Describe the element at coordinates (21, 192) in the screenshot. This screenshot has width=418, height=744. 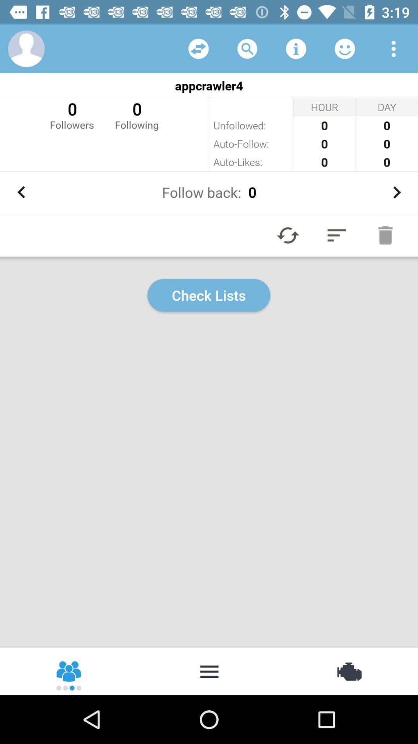
I see `go back` at that location.